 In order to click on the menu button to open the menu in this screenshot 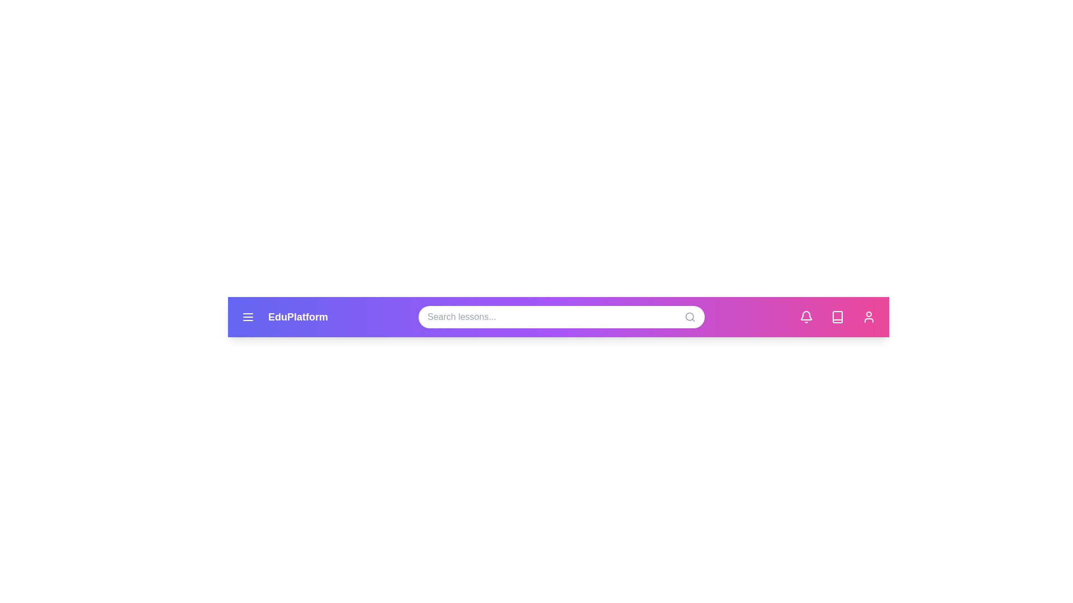, I will do `click(248, 317)`.